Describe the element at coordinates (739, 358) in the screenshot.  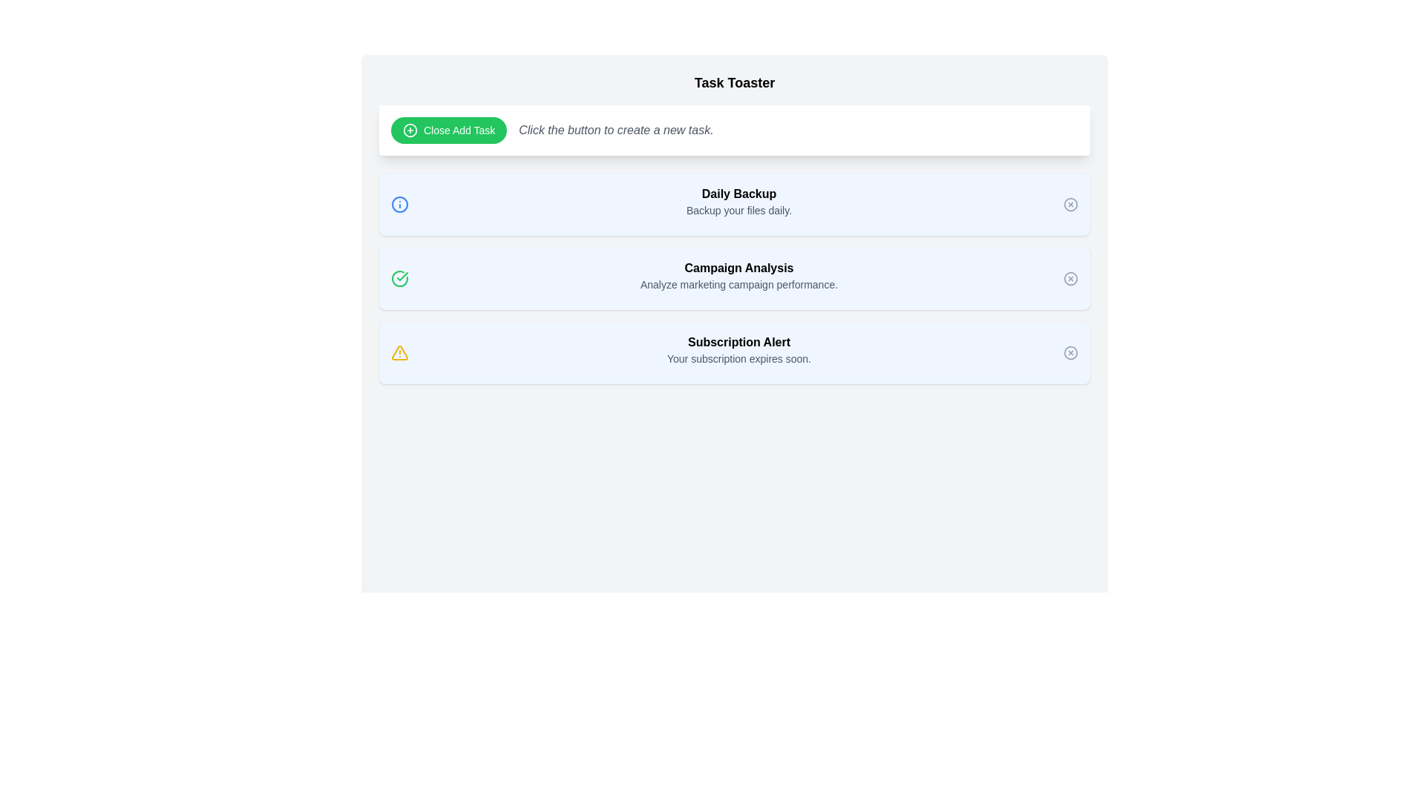
I see `the informational text label indicating that the user's subscription is near expiration, located beneath the title 'Subscription Alert'` at that location.